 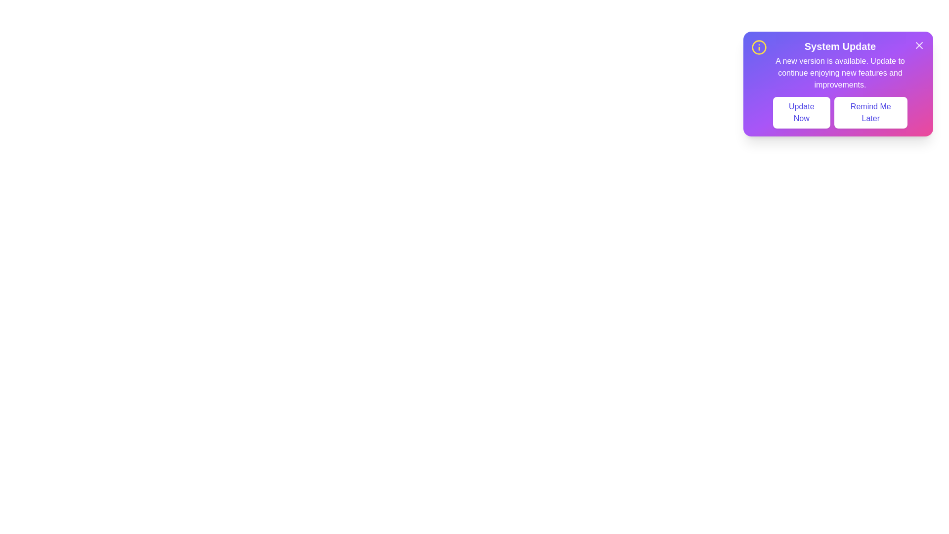 What do you see at coordinates (801, 112) in the screenshot?
I see `the Update Now button to perform the corresponding action` at bounding box center [801, 112].